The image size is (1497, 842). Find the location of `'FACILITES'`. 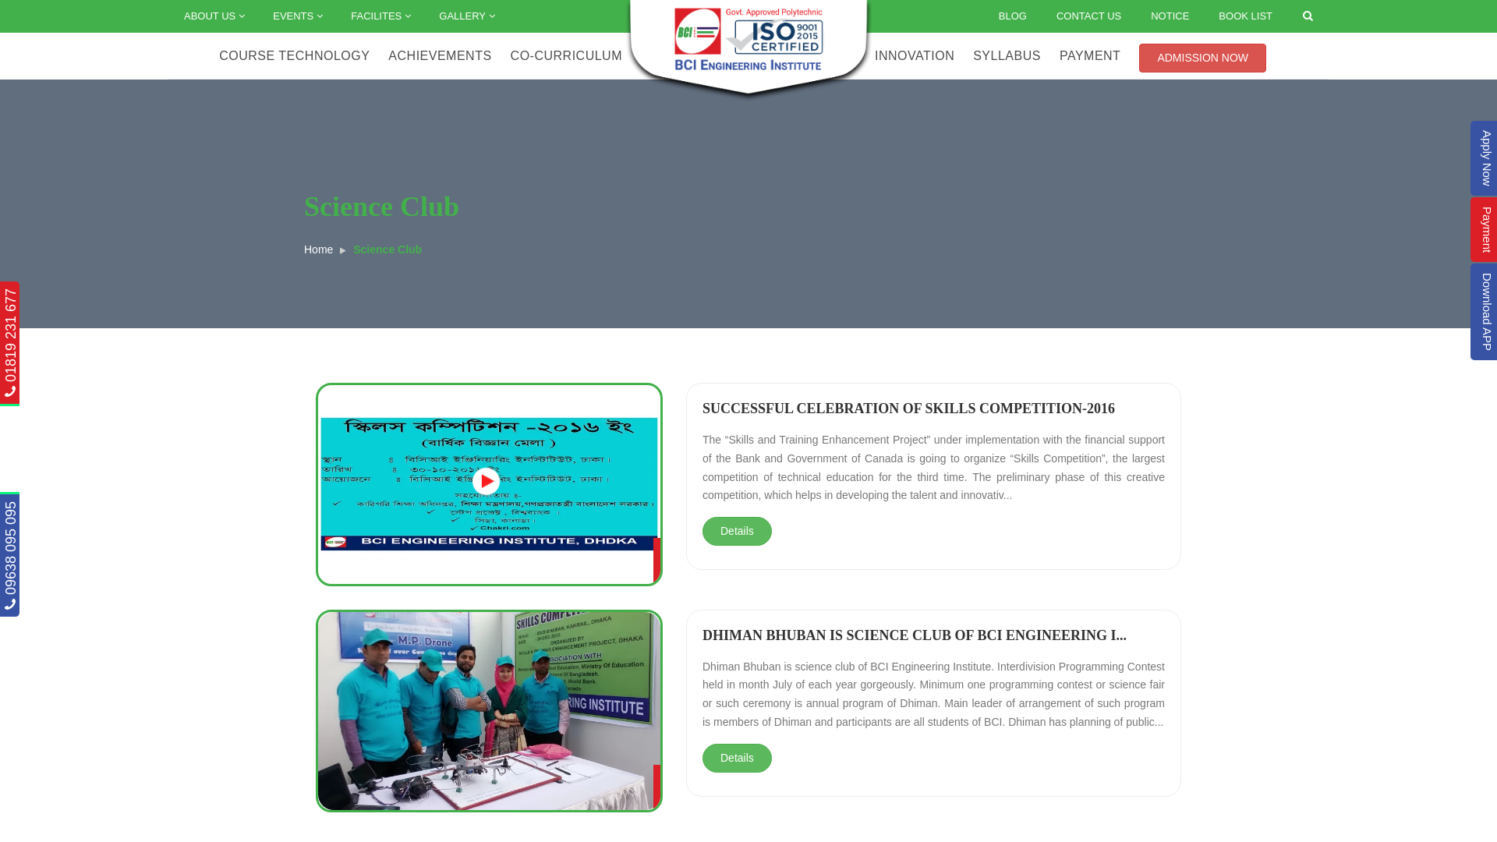

'FACILITES' is located at coordinates (379, 16).